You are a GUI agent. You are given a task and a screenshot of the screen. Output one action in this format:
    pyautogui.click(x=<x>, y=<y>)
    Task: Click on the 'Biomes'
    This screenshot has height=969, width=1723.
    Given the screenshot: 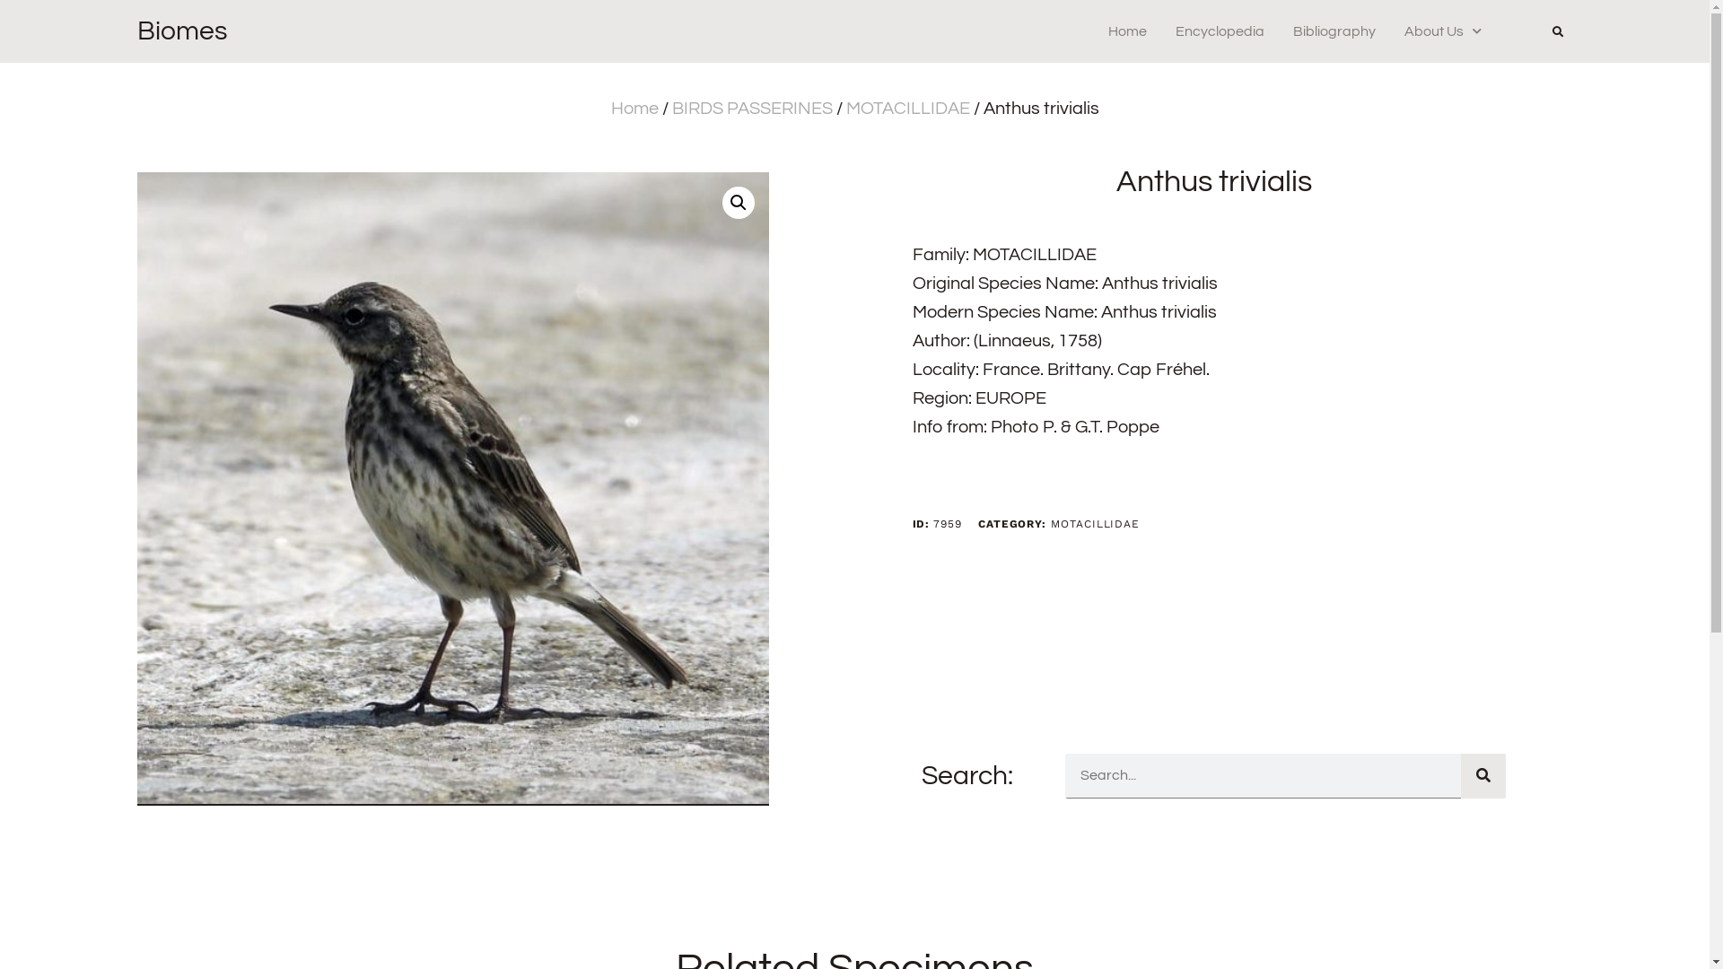 What is the action you would take?
    pyautogui.click(x=180, y=31)
    